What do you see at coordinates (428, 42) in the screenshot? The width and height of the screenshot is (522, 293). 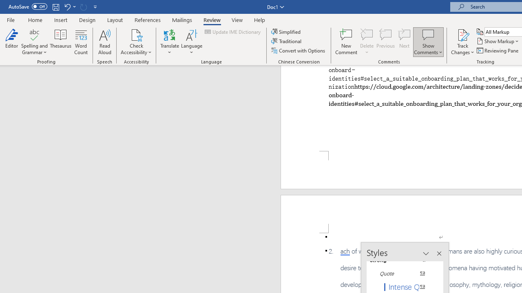 I see `'Show Comments'` at bounding box center [428, 42].